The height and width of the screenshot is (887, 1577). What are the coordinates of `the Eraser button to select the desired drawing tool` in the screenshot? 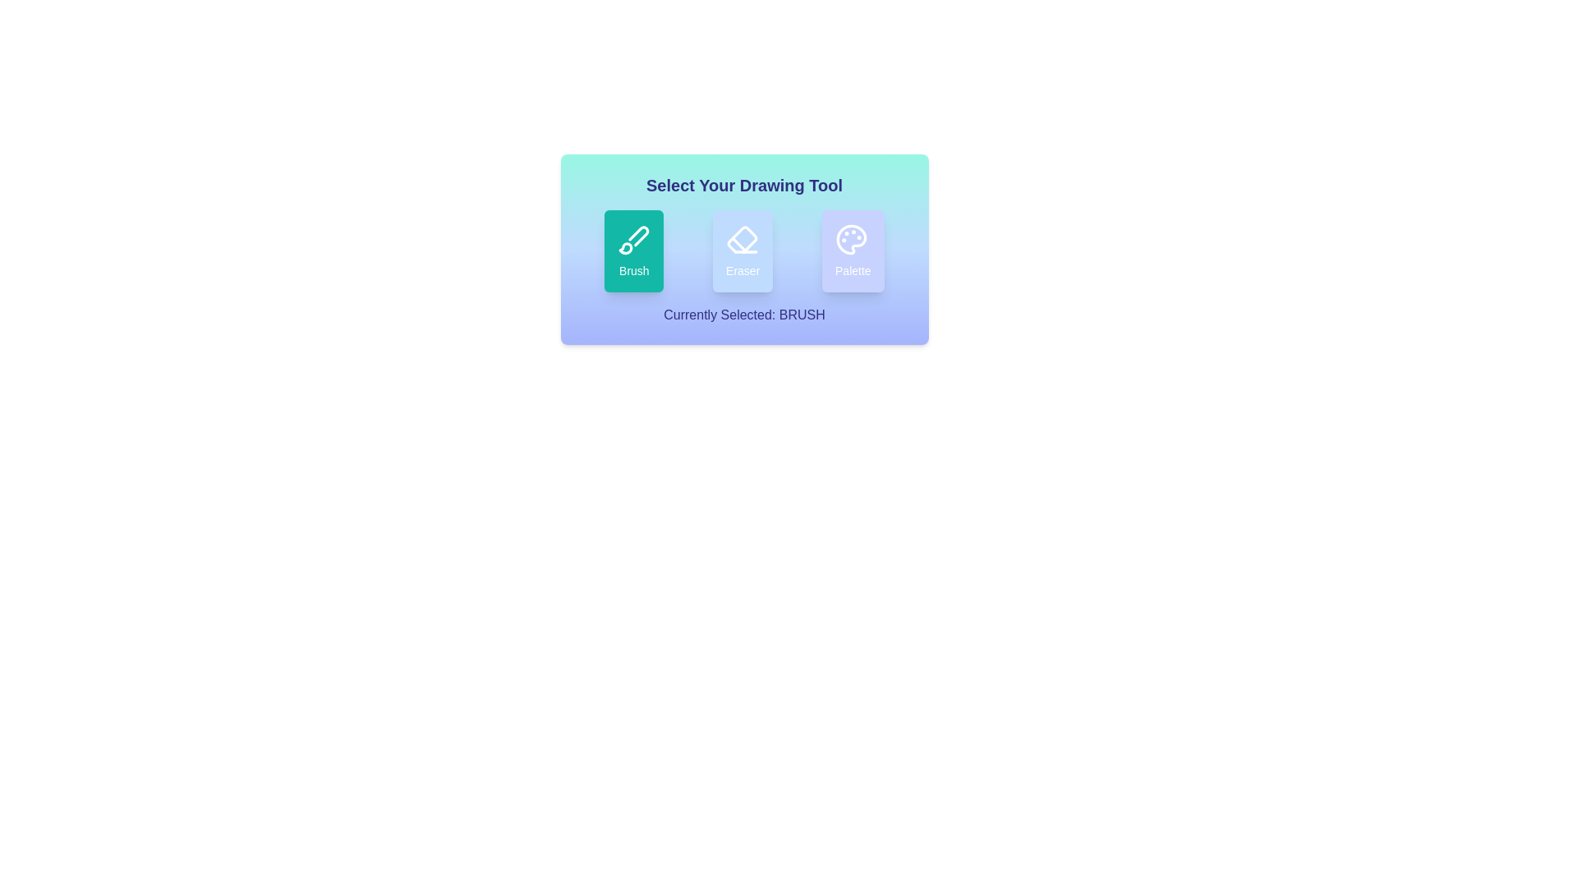 It's located at (742, 250).